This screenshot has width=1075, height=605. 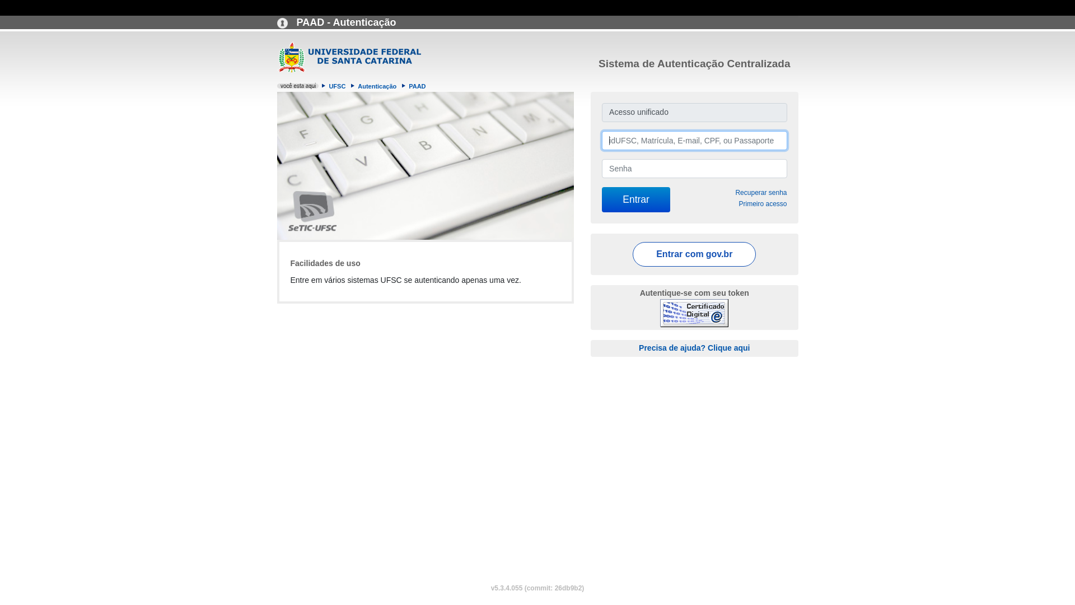 I want to click on 'Entrar com, so click(x=693, y=254).